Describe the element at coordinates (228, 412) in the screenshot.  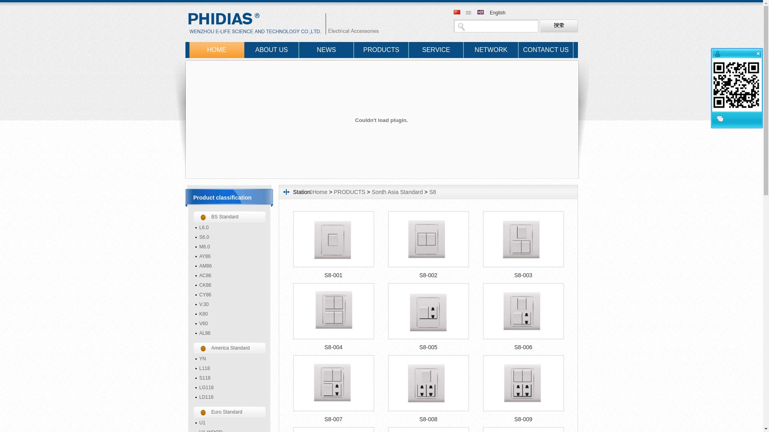
I see `'Euro Standard'` at that location.